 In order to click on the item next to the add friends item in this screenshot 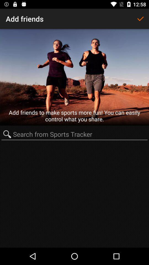, I will do `click(140, 19)`.